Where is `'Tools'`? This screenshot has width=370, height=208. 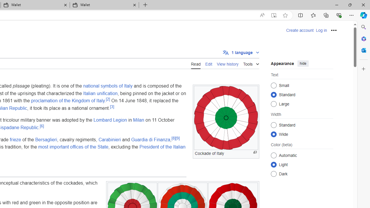
'Tools' is located at coordinates (251, 63).